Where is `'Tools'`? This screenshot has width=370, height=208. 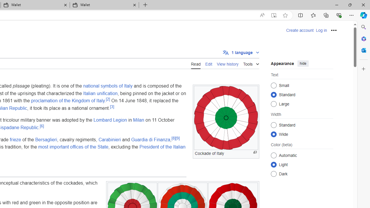
'Tools' is located at coordinates (251, 63).